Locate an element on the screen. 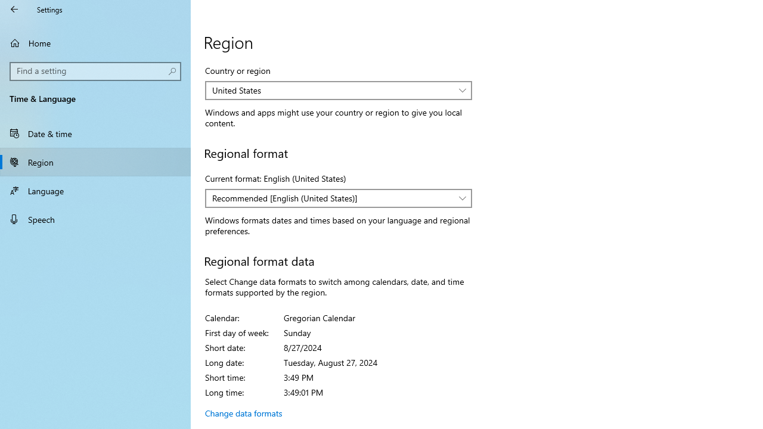 This screenshot has height=429, width=763. 'Region' is located at coordinates (95, 161).